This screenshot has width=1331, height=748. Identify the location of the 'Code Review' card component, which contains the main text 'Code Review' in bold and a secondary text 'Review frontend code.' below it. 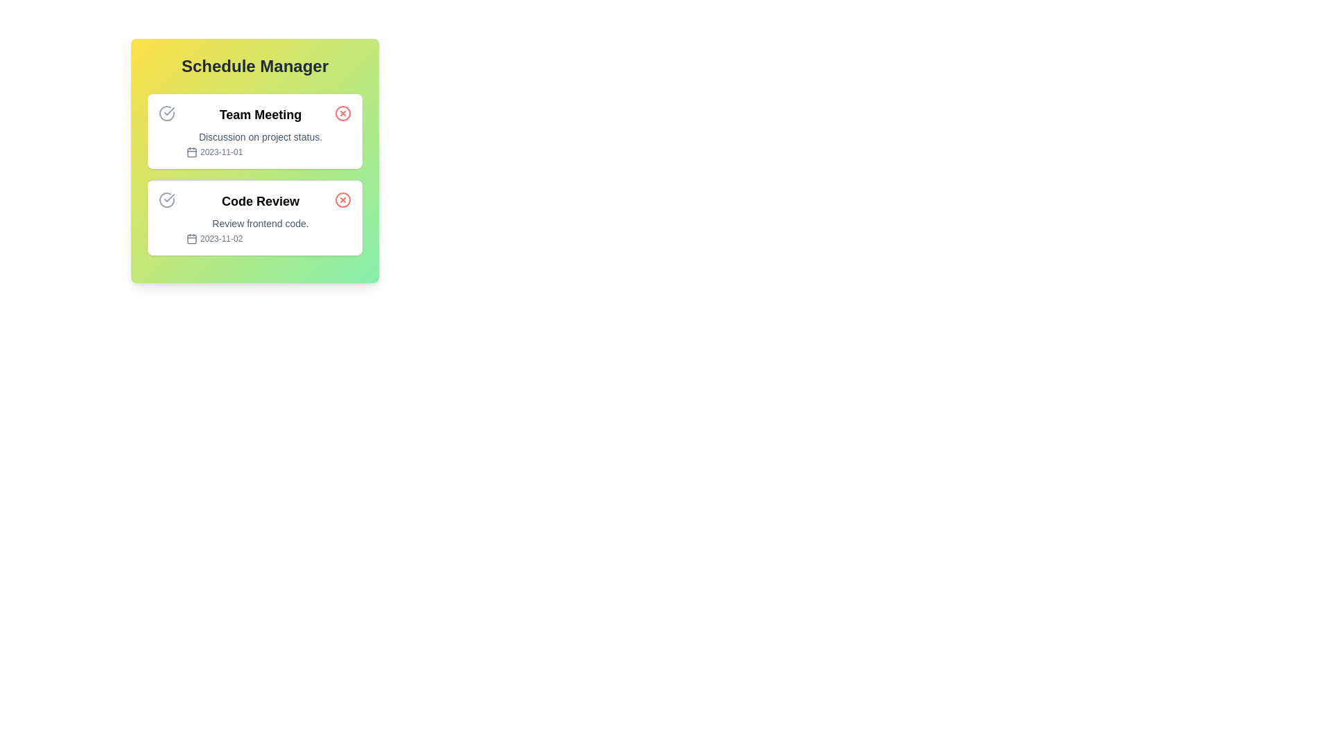
(260, 218).